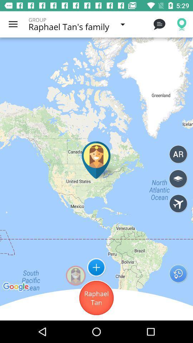 The height and width of the screenshot is (343, 193). Describe the element at coordinates (96, 267) in the screenshot. I see `the add icon` at that location.